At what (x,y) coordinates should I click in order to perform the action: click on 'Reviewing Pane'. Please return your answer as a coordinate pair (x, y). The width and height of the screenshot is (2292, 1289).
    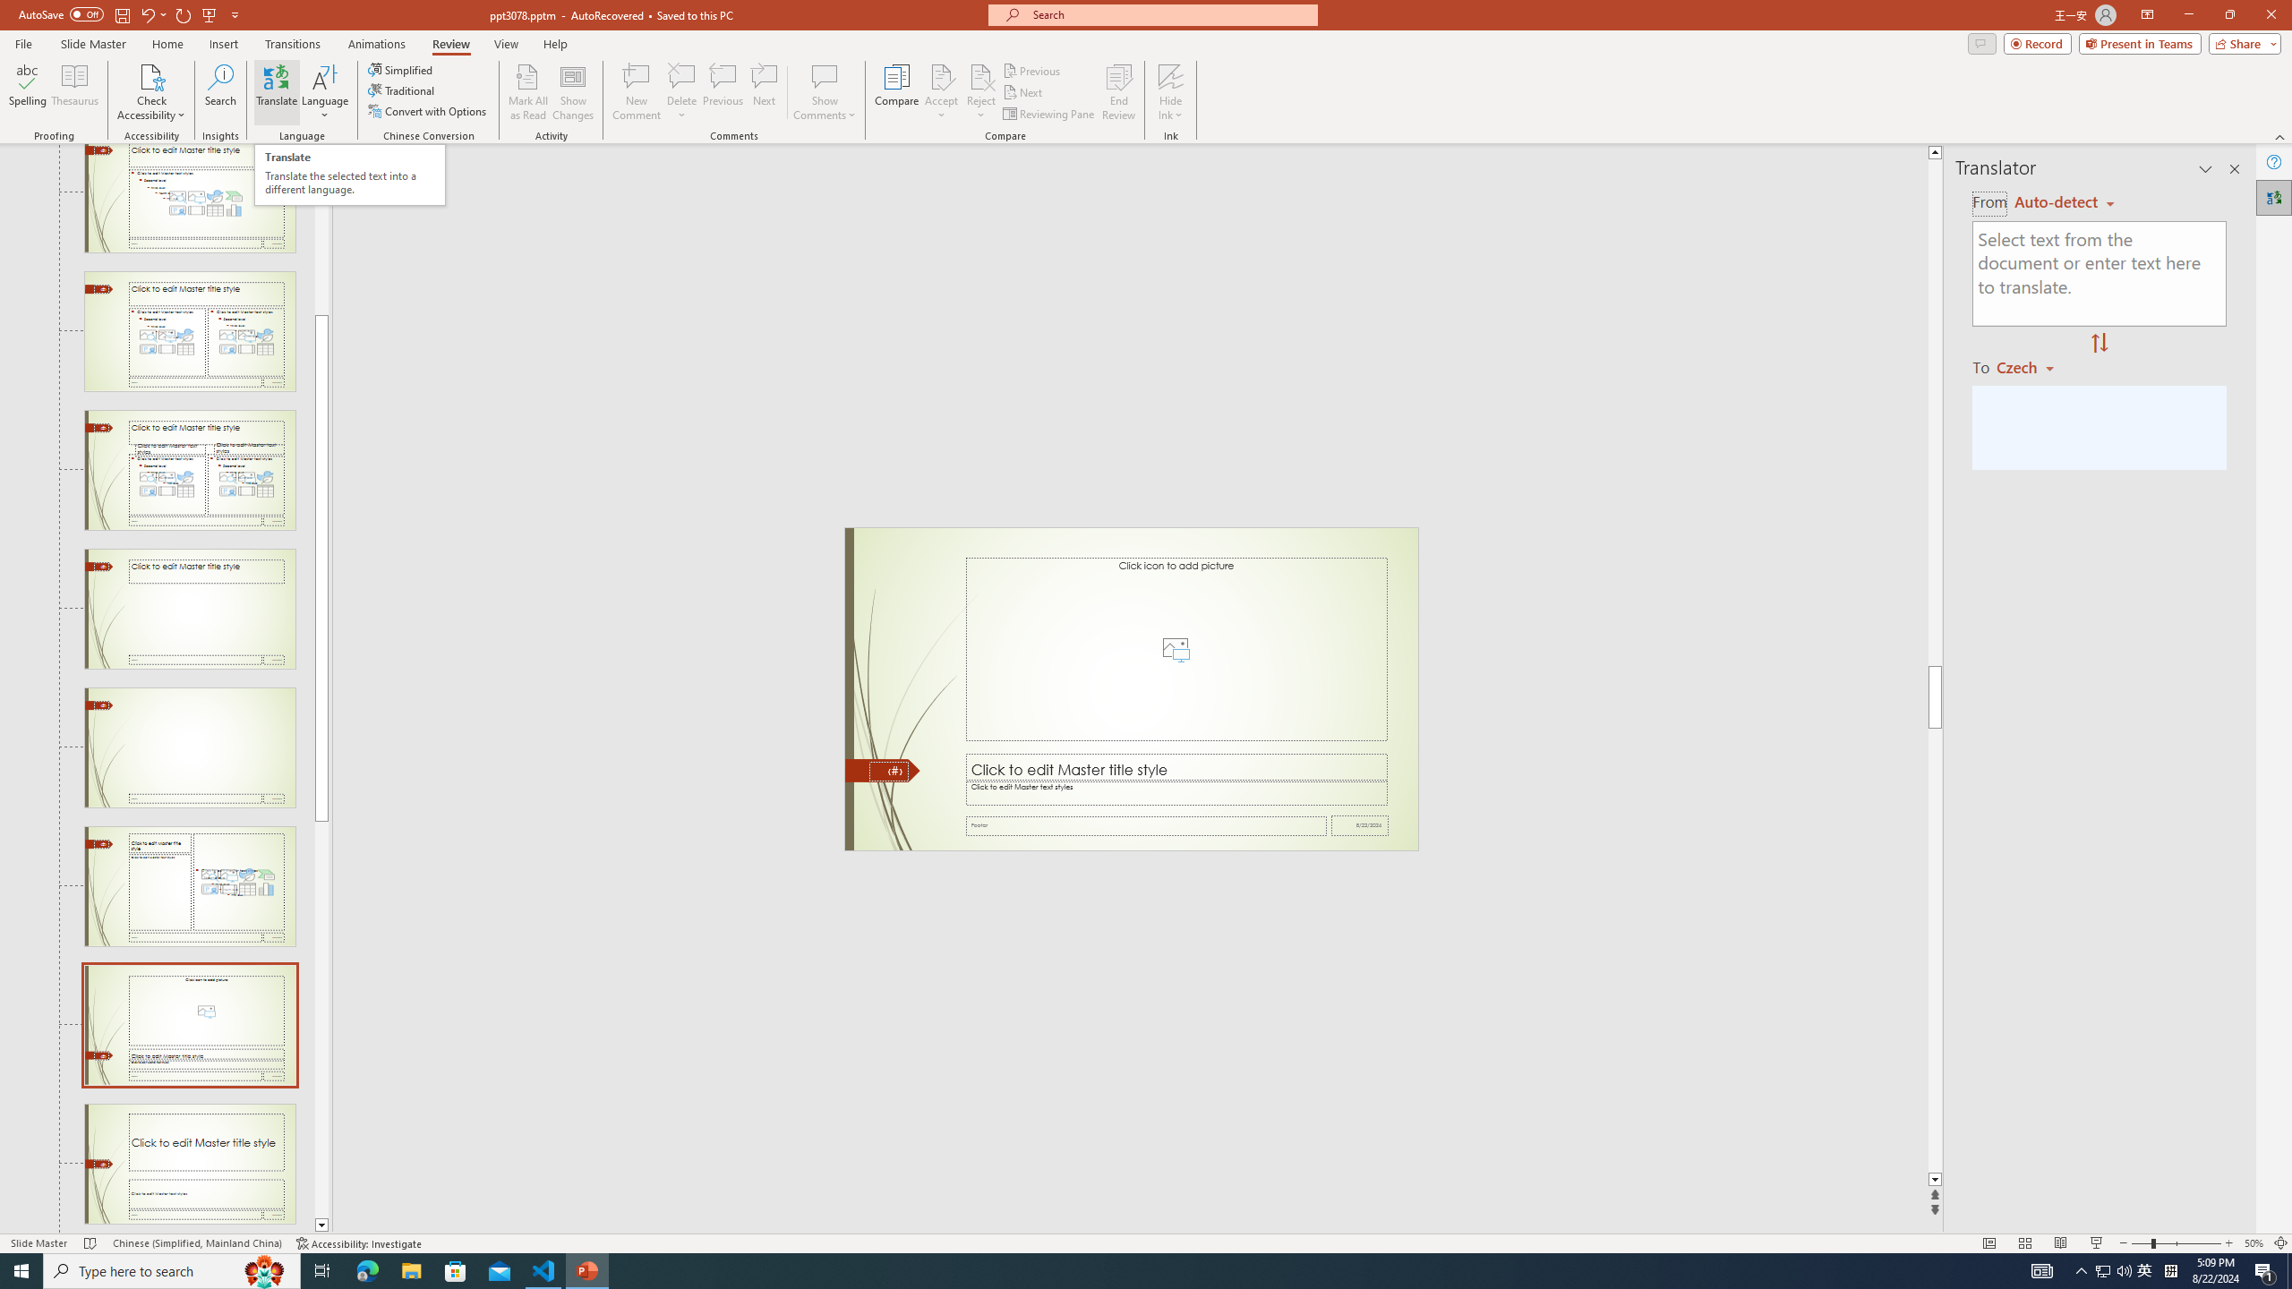
    Looking at the image, I should click on (1048, 114).